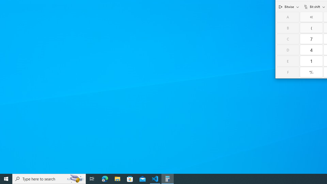  Describe the element at coordinates (168, 178) in the screenshot. I see `'Calculator - 1 running window'` at that location.